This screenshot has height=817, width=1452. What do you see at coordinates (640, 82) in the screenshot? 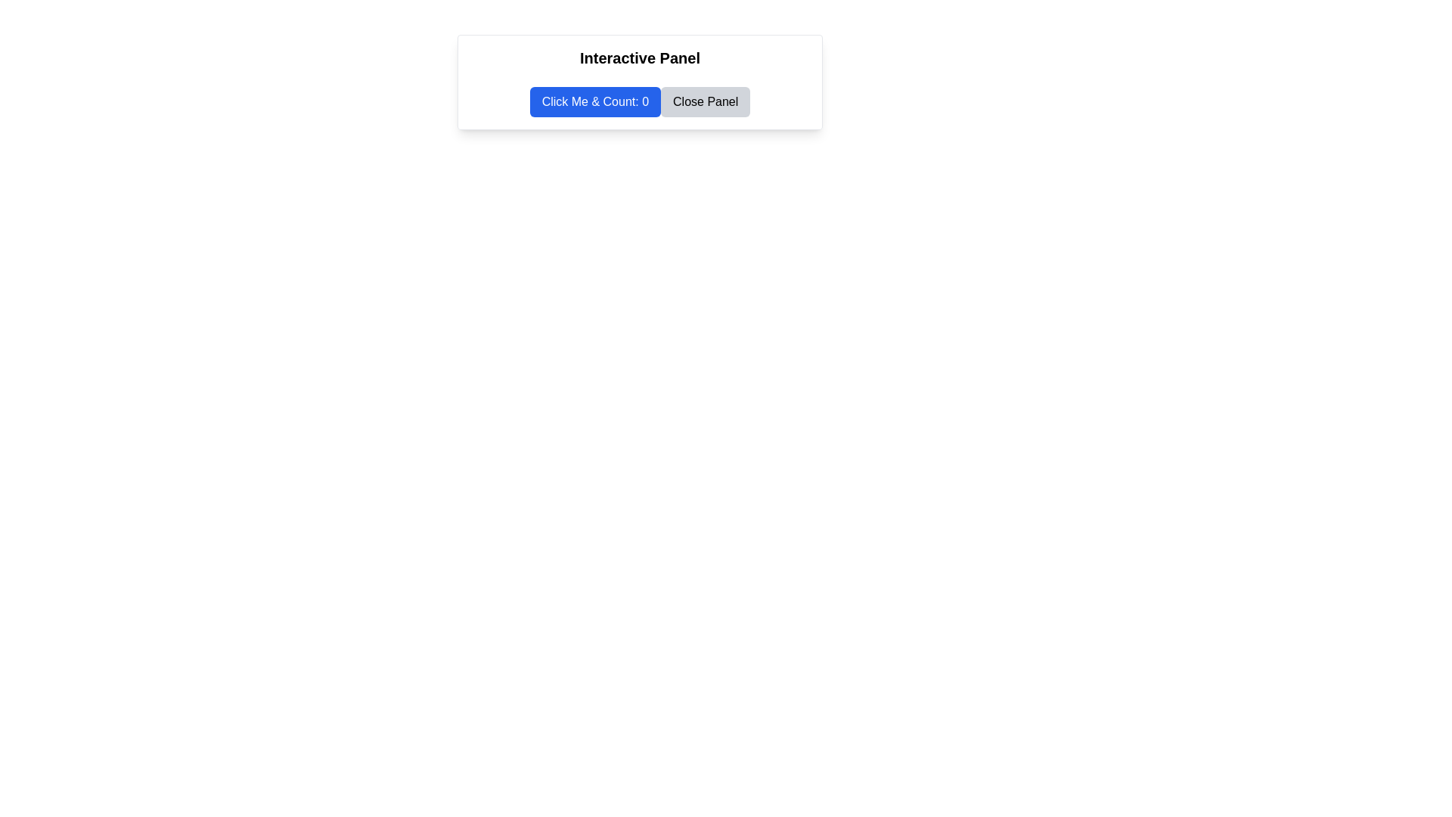
I see `the interactive panel that has a white background, contains the bold black text 'Interactive Panel' at the top, and includes two buttons below it` at bounding box center [640, 82].